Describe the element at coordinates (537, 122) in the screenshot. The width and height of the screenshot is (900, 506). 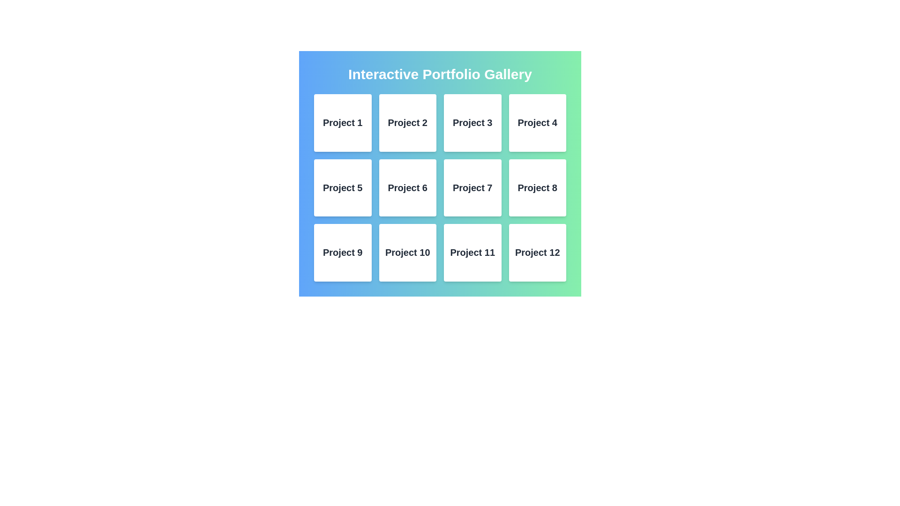
I see `the navigational button for 'Project 4'` at that location.